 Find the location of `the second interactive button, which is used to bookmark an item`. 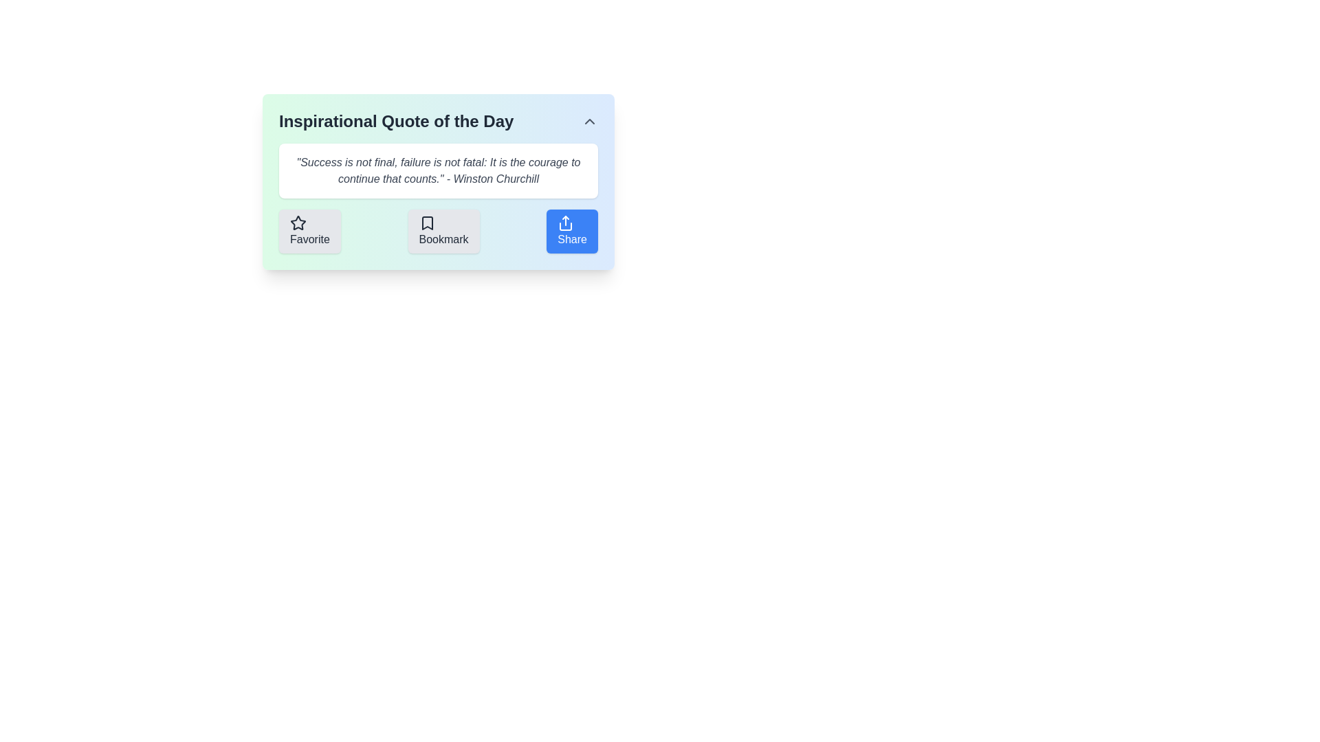

the second interactive button, which is used to bookmark an item is located at coordinates (443, 230).